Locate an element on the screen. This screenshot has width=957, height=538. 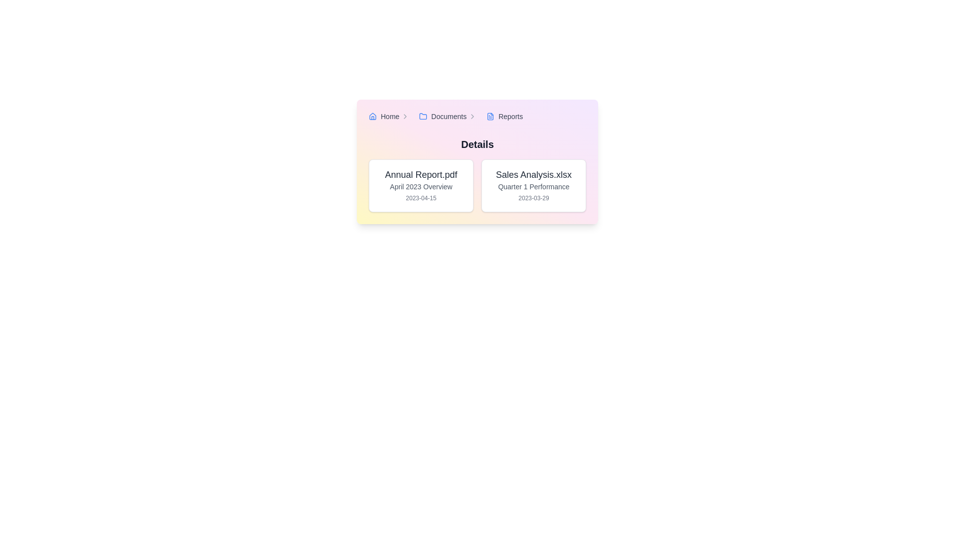
the static text label that serves as a date stamp for the 'Sales Analysis.xlsx' document, positioned beneath 'Quarter 1 Performance' within the card is located at coordinates (533, 198).